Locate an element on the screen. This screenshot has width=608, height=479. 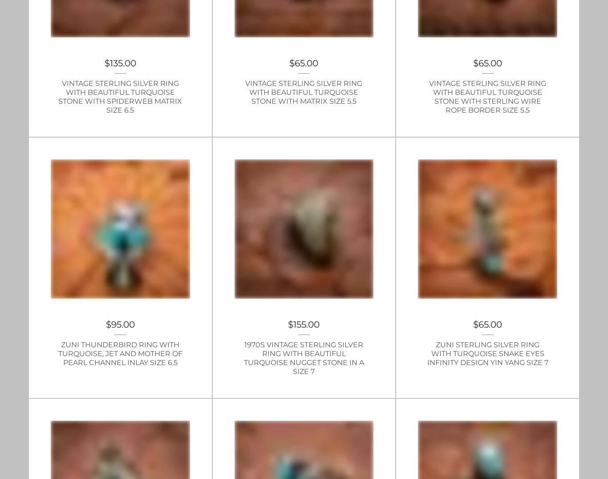
'155.00' is located at coordinates (306, 324).